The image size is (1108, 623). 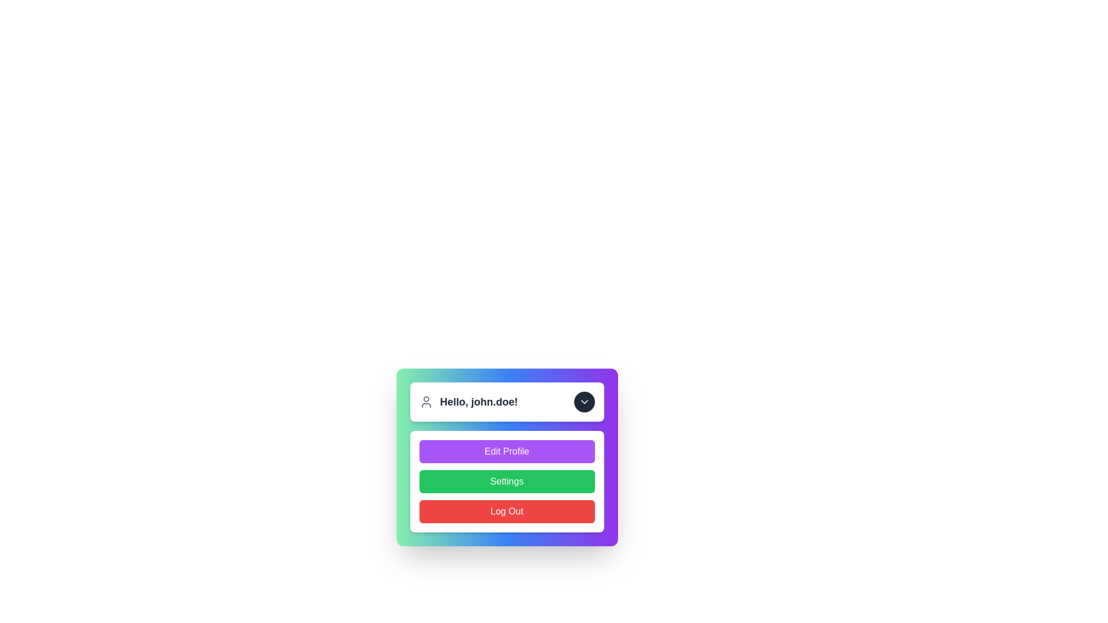 I want to click on the user icon located to the left of the greeting text 'Hello, john.doe!' for additional information, so click(x=425, y=401).